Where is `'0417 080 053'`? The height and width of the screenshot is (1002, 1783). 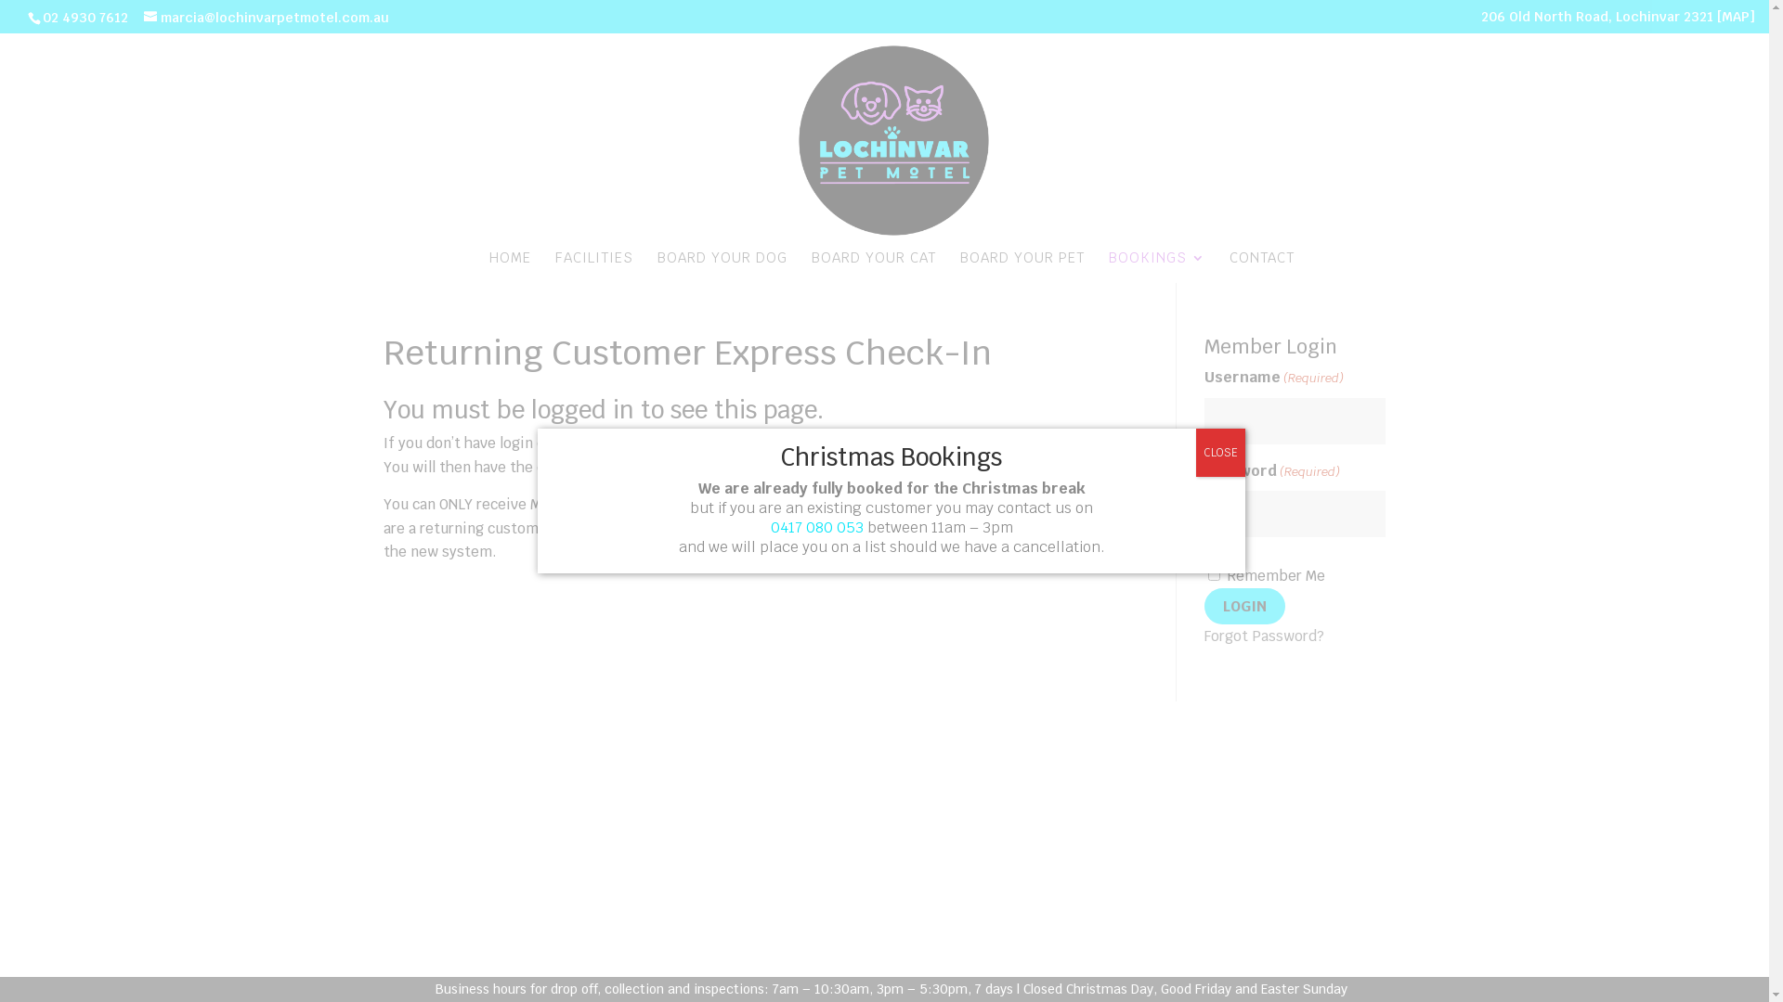
'0417 080 053' is located at coordinates (771, 527).